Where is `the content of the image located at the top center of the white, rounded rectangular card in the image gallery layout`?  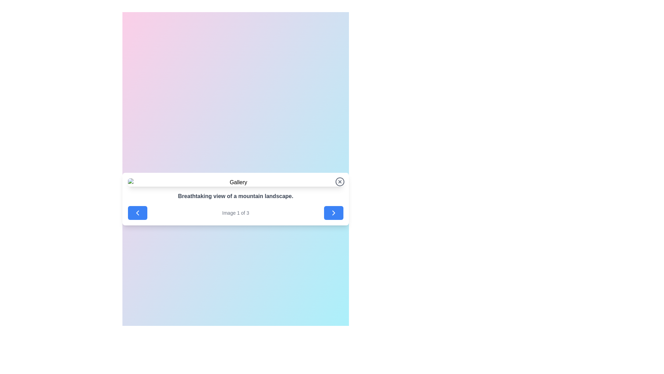 the content of the image located at the top center of the white, rounded rectangular card in the image gallery layout is located at coordinates (236, 182).